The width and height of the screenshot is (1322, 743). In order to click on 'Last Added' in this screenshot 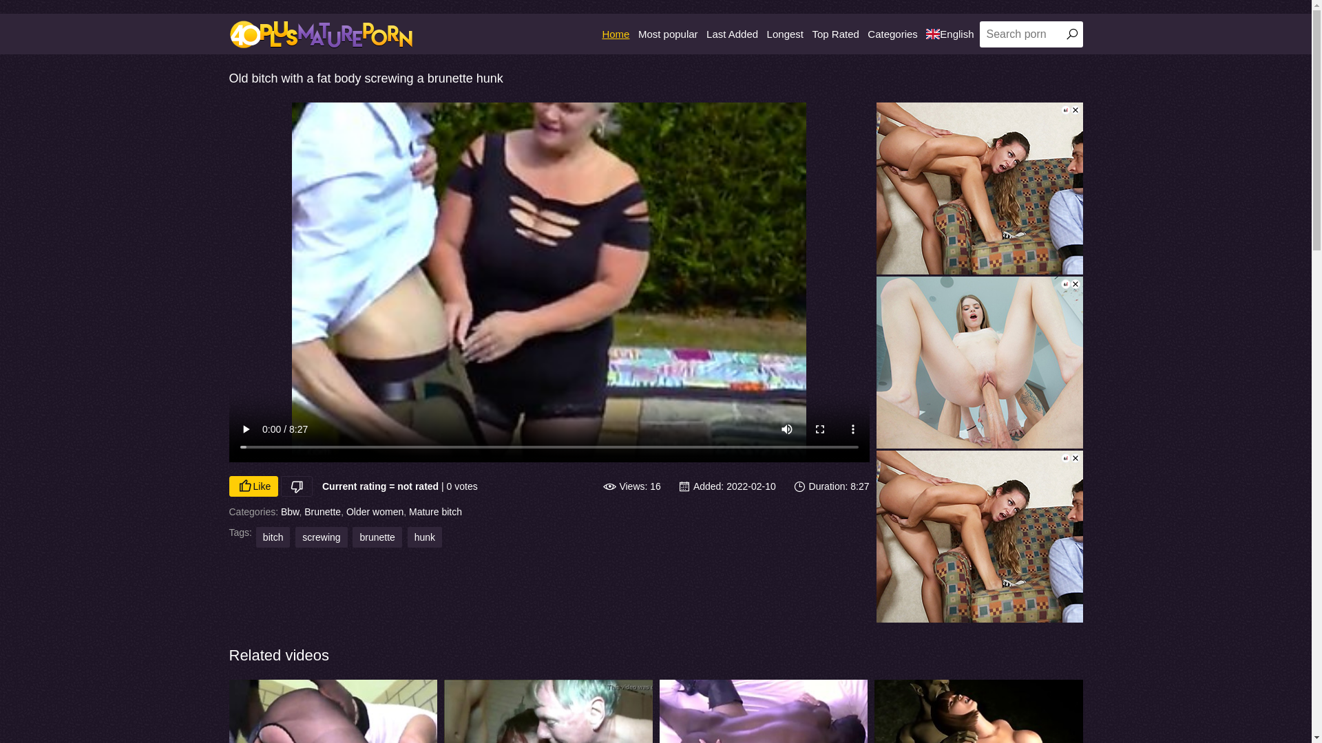, I will do `click(731, 34)`.